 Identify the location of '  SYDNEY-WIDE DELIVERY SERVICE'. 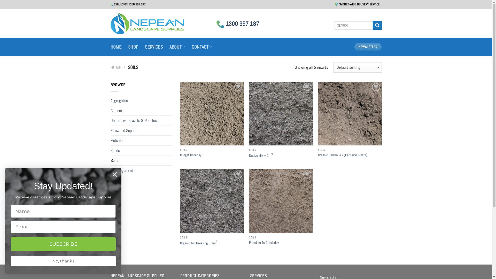
(335, 4).